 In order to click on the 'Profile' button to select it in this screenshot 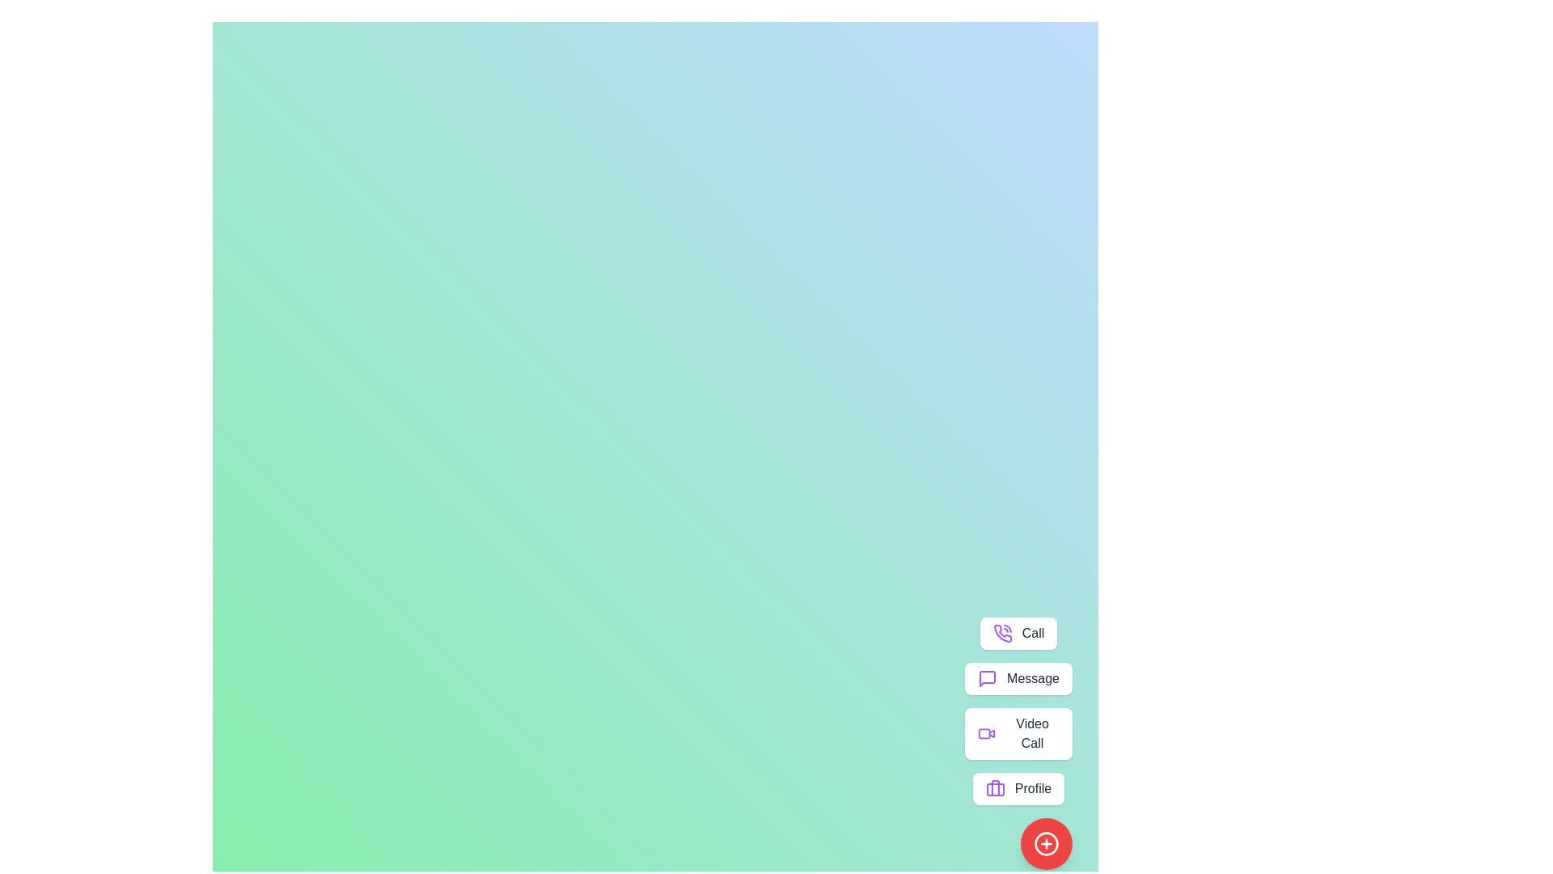, I will do `click(1018, 788)`.